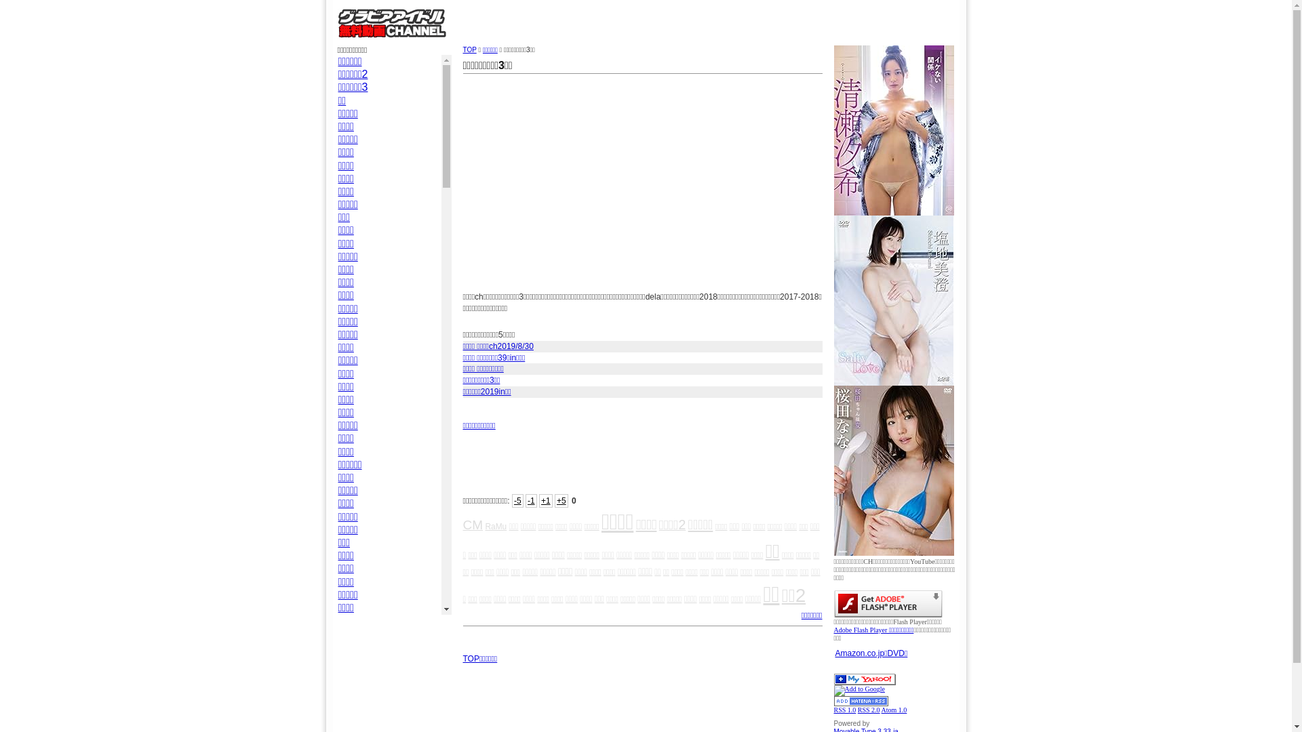  I want to click on '+5', so click(561, 501).